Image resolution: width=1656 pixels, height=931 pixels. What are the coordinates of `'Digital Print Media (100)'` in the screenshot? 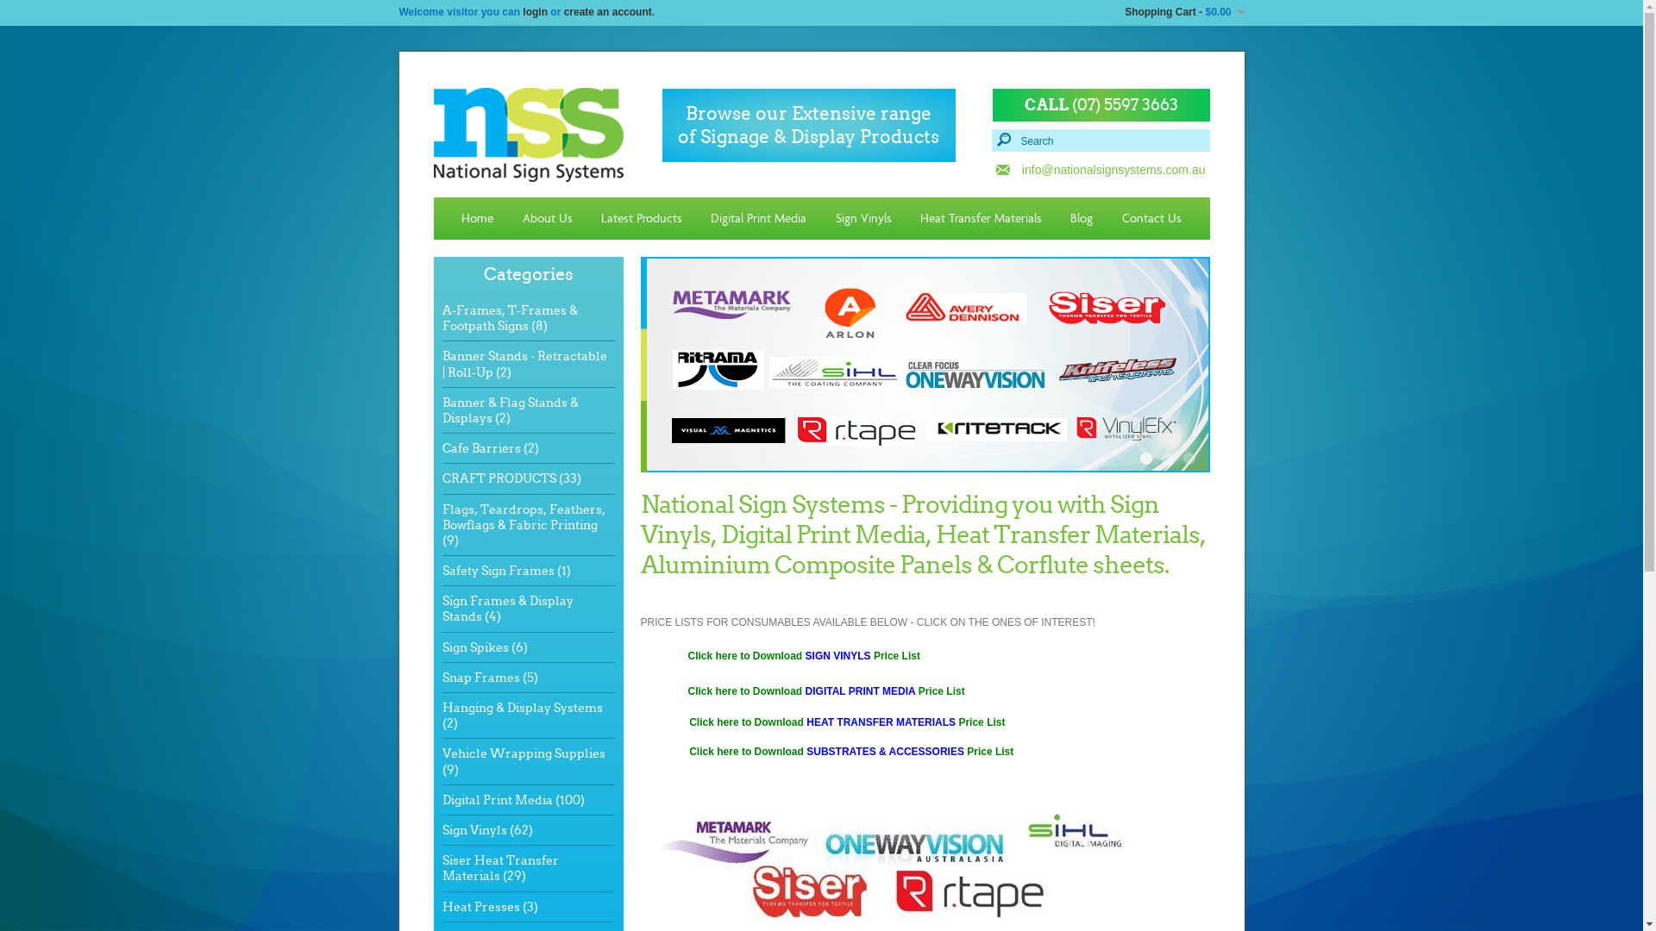 It's located at (442, 800).